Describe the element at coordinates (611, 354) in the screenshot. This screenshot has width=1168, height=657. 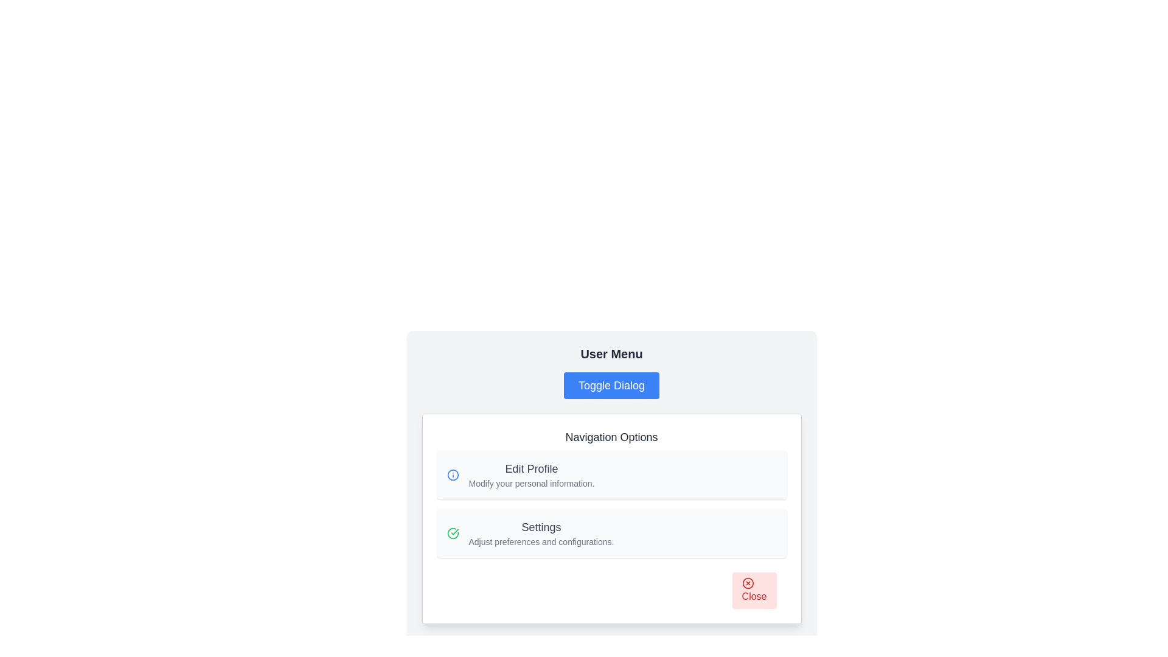
I see `text content of the 'User Menu' label, which is a bold, extra-large dark gray text centered at the top of the dialog box` at that location.